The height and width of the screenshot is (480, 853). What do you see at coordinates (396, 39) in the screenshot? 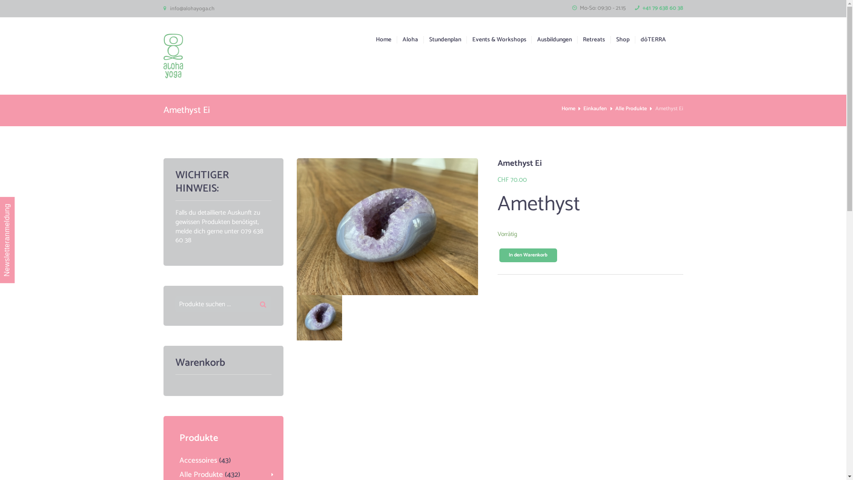
I see `'Aloha'` at bounding box center [396, 39].